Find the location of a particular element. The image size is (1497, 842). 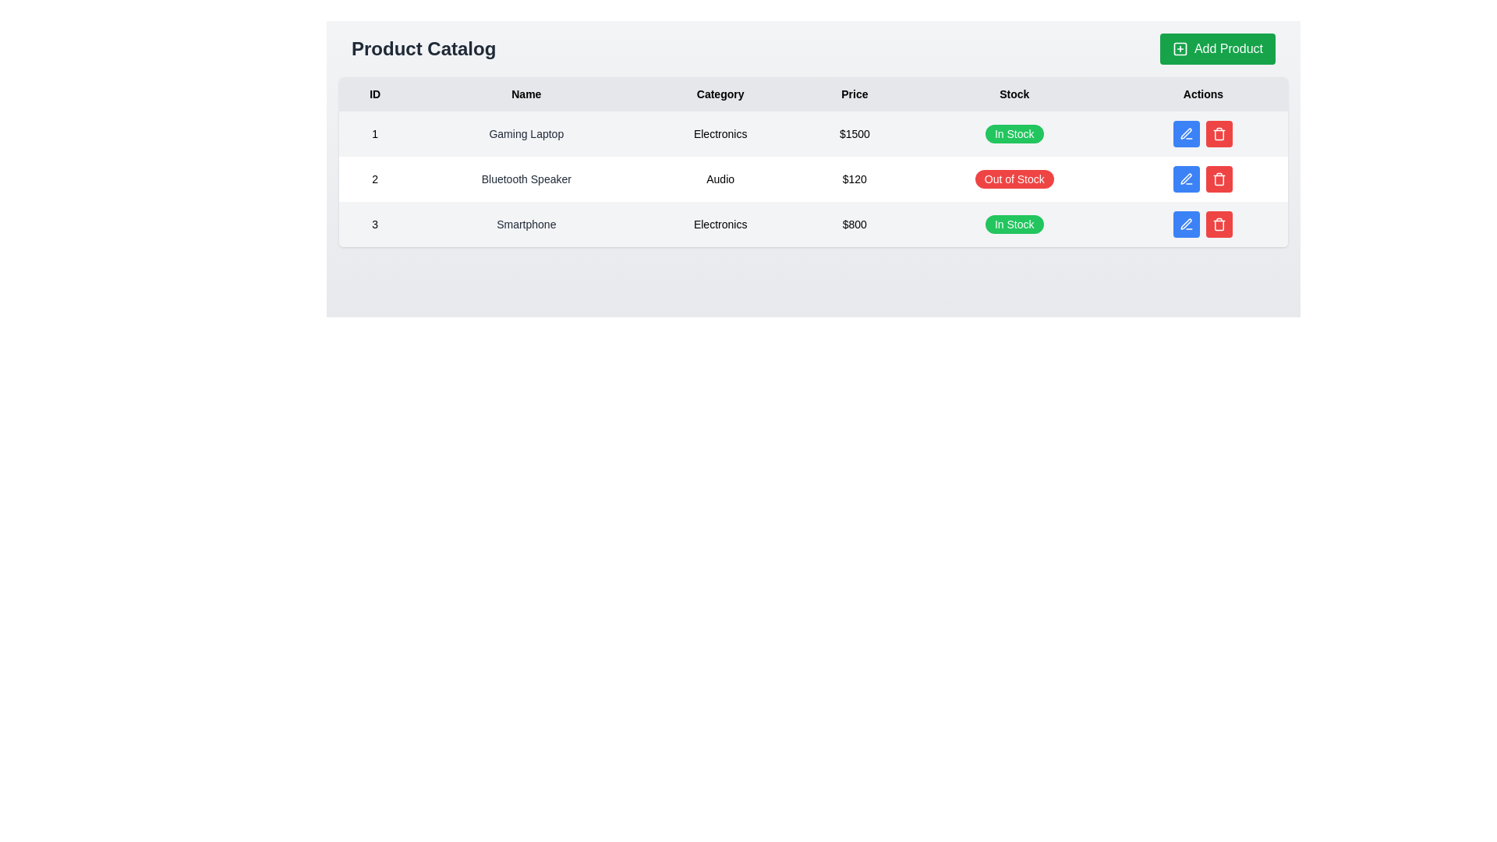

the 'Electronics' text element located in the third column of the first row of the product information table, which is styled with a light-gray background and centered text is located at coordinates (720, 133).